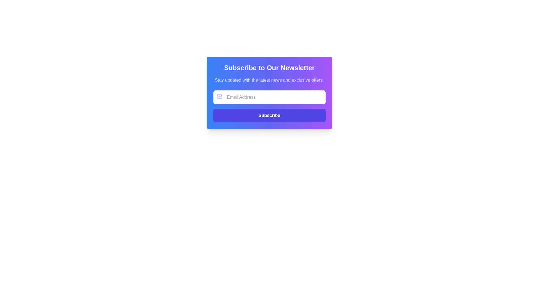 The height and width of the screenshot is (303, 539). I want to click on the minimalist rectangular graphical representation with rounded corners inside the envelope icon located in the email input field, so click(219, 96).